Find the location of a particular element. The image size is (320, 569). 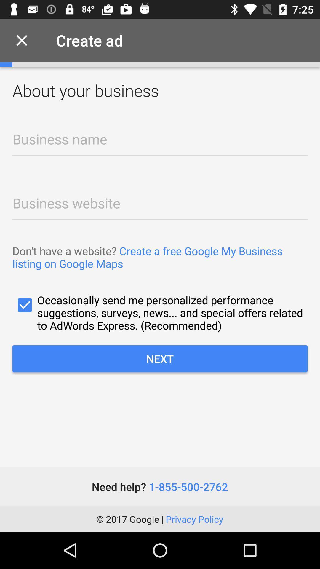

the 2017 google privacy is located at coordinates (159, 519).